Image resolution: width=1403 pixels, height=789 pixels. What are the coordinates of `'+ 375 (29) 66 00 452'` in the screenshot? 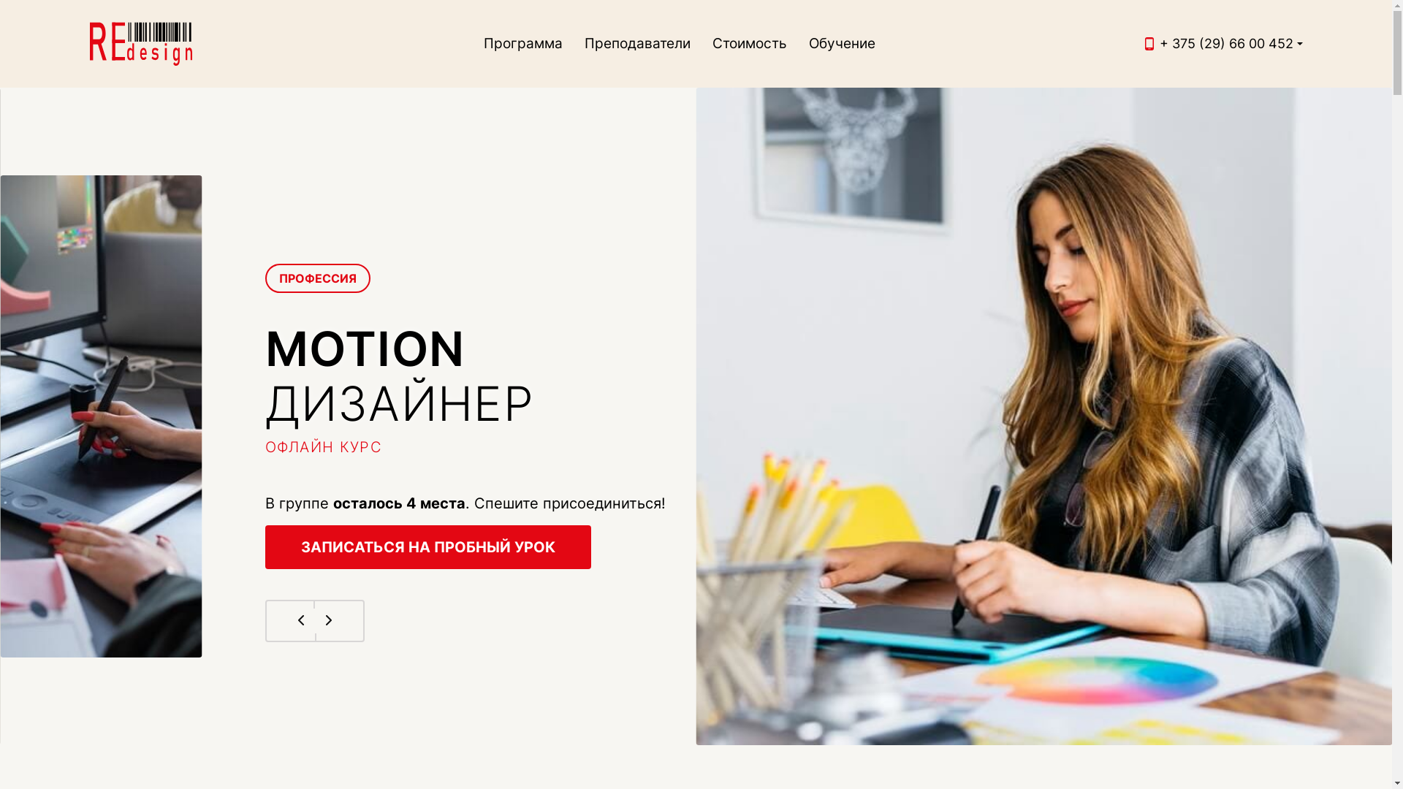 It's located at (1157, 42).